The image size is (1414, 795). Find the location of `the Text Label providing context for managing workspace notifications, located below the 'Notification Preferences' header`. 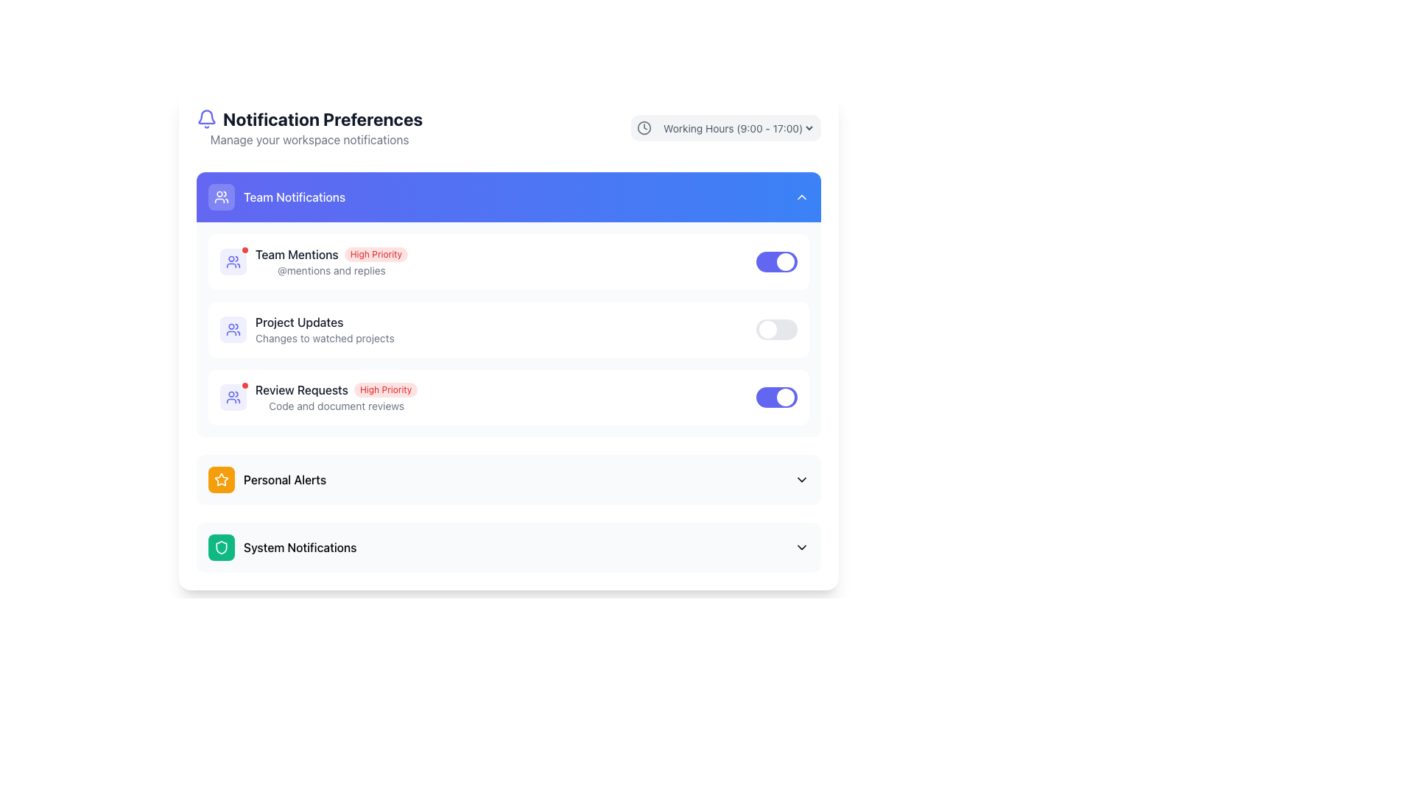

the Text Label providing context for managing workspace notifications, located below the 'Notification Preferences' header is located at coordinates (309, 139).